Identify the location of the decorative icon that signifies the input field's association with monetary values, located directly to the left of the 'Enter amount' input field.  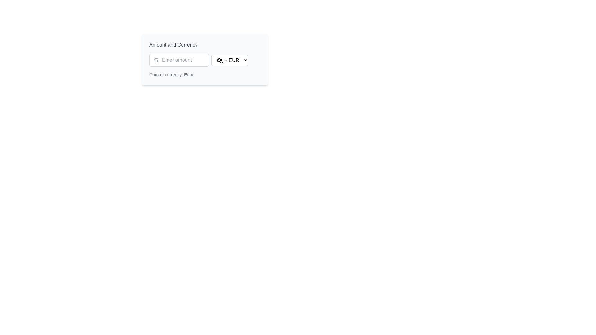
(156, 60).